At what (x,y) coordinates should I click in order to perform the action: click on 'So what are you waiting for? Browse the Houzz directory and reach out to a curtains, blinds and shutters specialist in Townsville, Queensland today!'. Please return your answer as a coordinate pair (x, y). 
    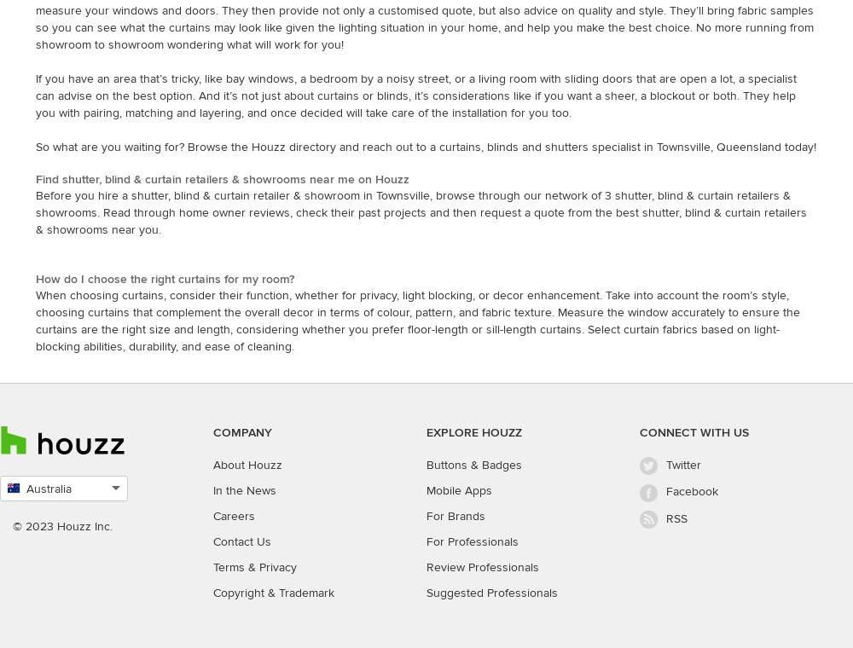
    Looking at the image, I should click on (425, 146).